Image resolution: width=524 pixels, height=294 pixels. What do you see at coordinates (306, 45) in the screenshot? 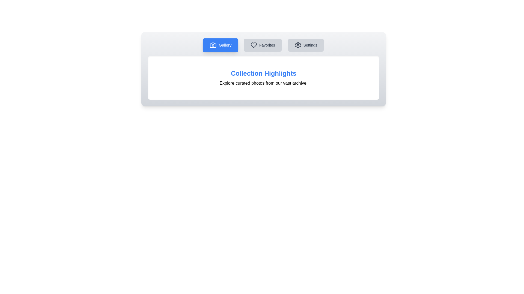
I see `the Settings button to inspect its functionality` at bounding box center [306, 45].